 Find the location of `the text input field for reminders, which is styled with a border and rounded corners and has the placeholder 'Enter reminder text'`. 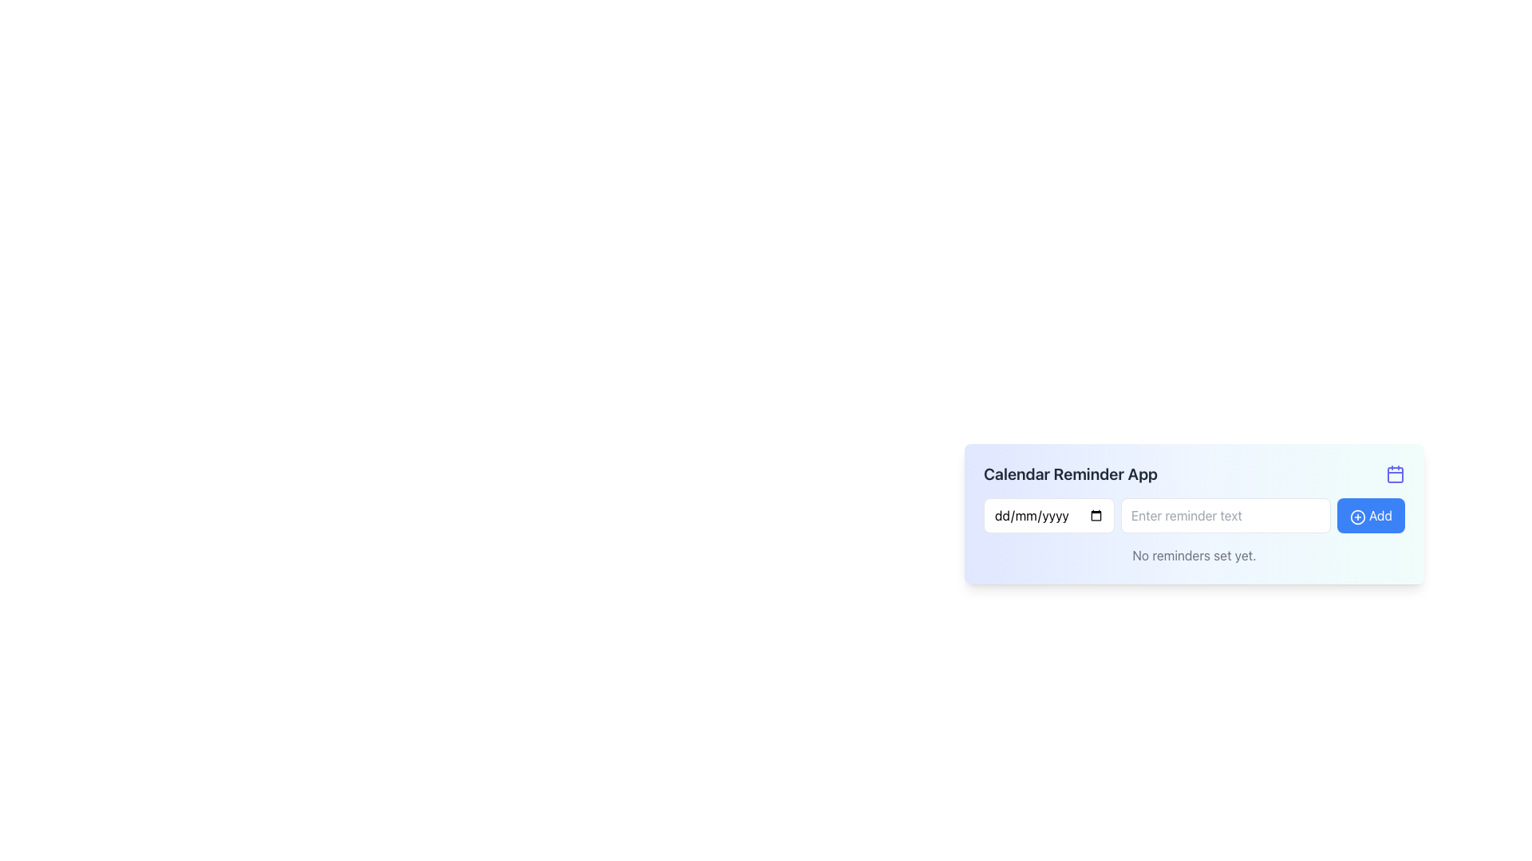

the text input field for reminders, which is styled with a border and rounded corners and has the placeholder 'Enter reminder text' is located at coordinates (1225, 516).